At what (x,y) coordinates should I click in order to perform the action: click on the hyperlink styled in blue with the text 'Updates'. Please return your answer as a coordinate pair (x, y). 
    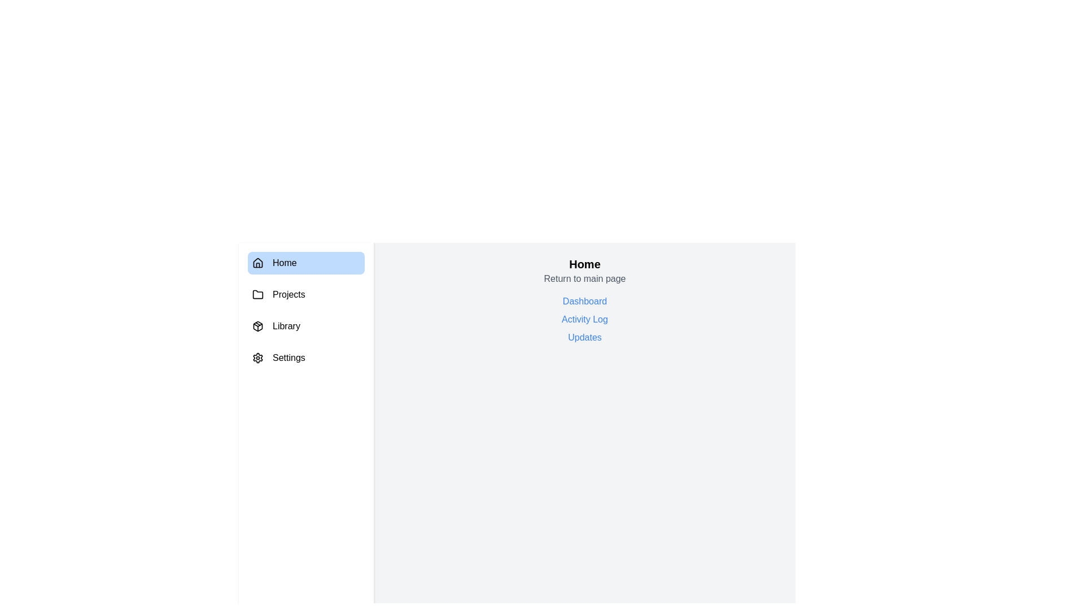
    Looking at the image, I should click on (585, 337).